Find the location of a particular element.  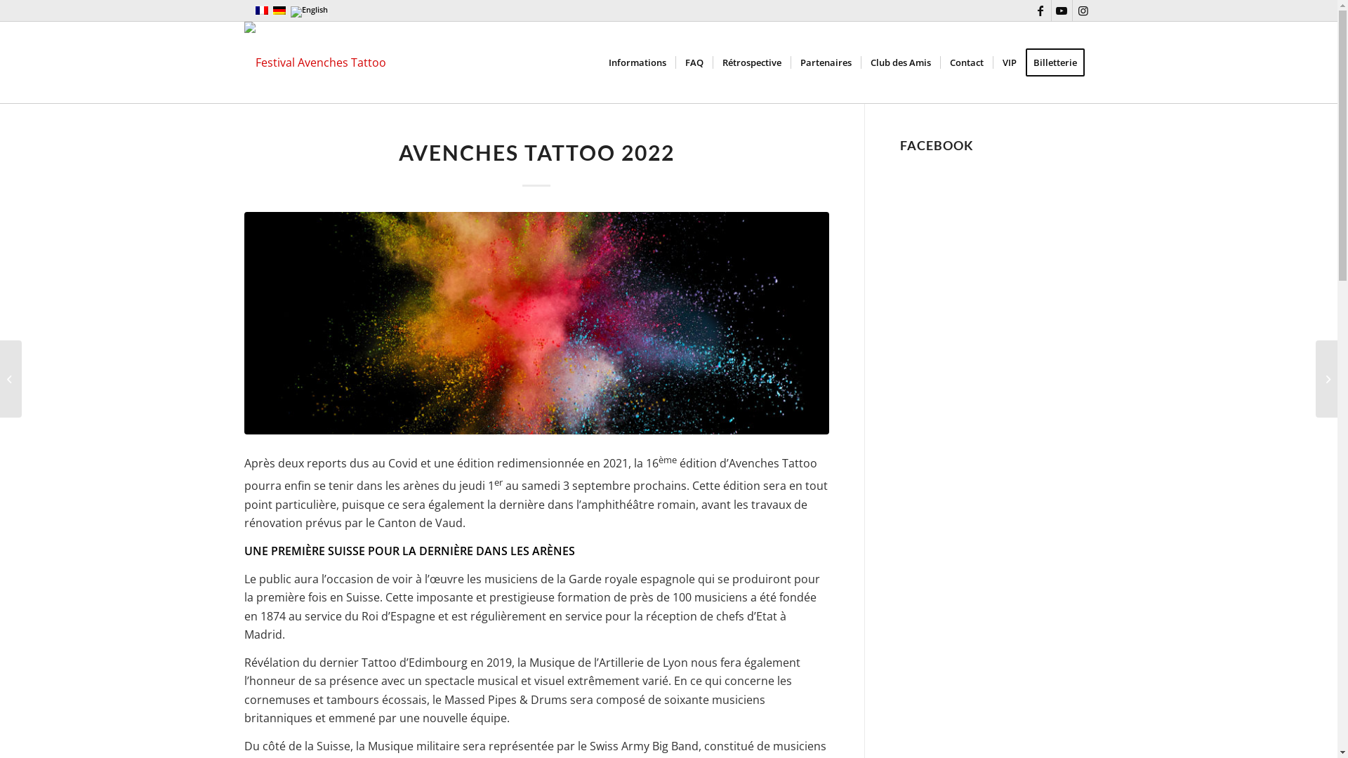

'English' is located at coordinates (308, 11).